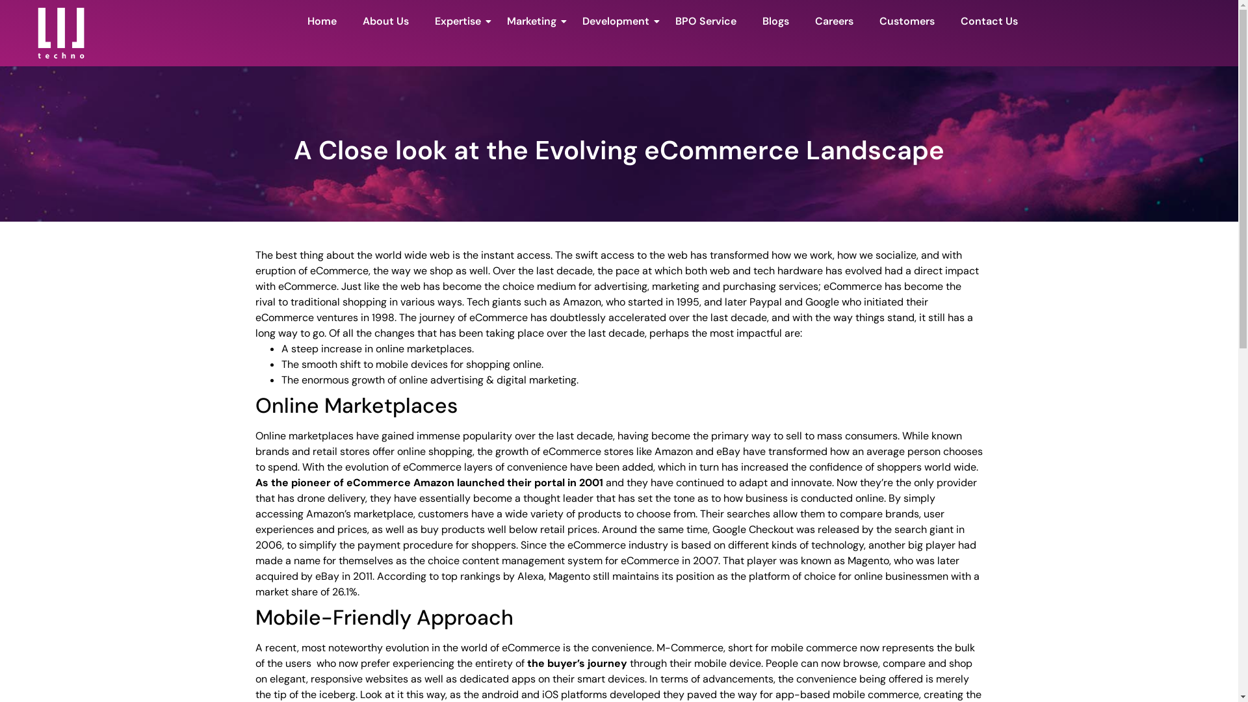 The image size is (1248, 702). Describe the element at coordinates (775, 22) in the screenshot. I see `'Blogs'` at that location.